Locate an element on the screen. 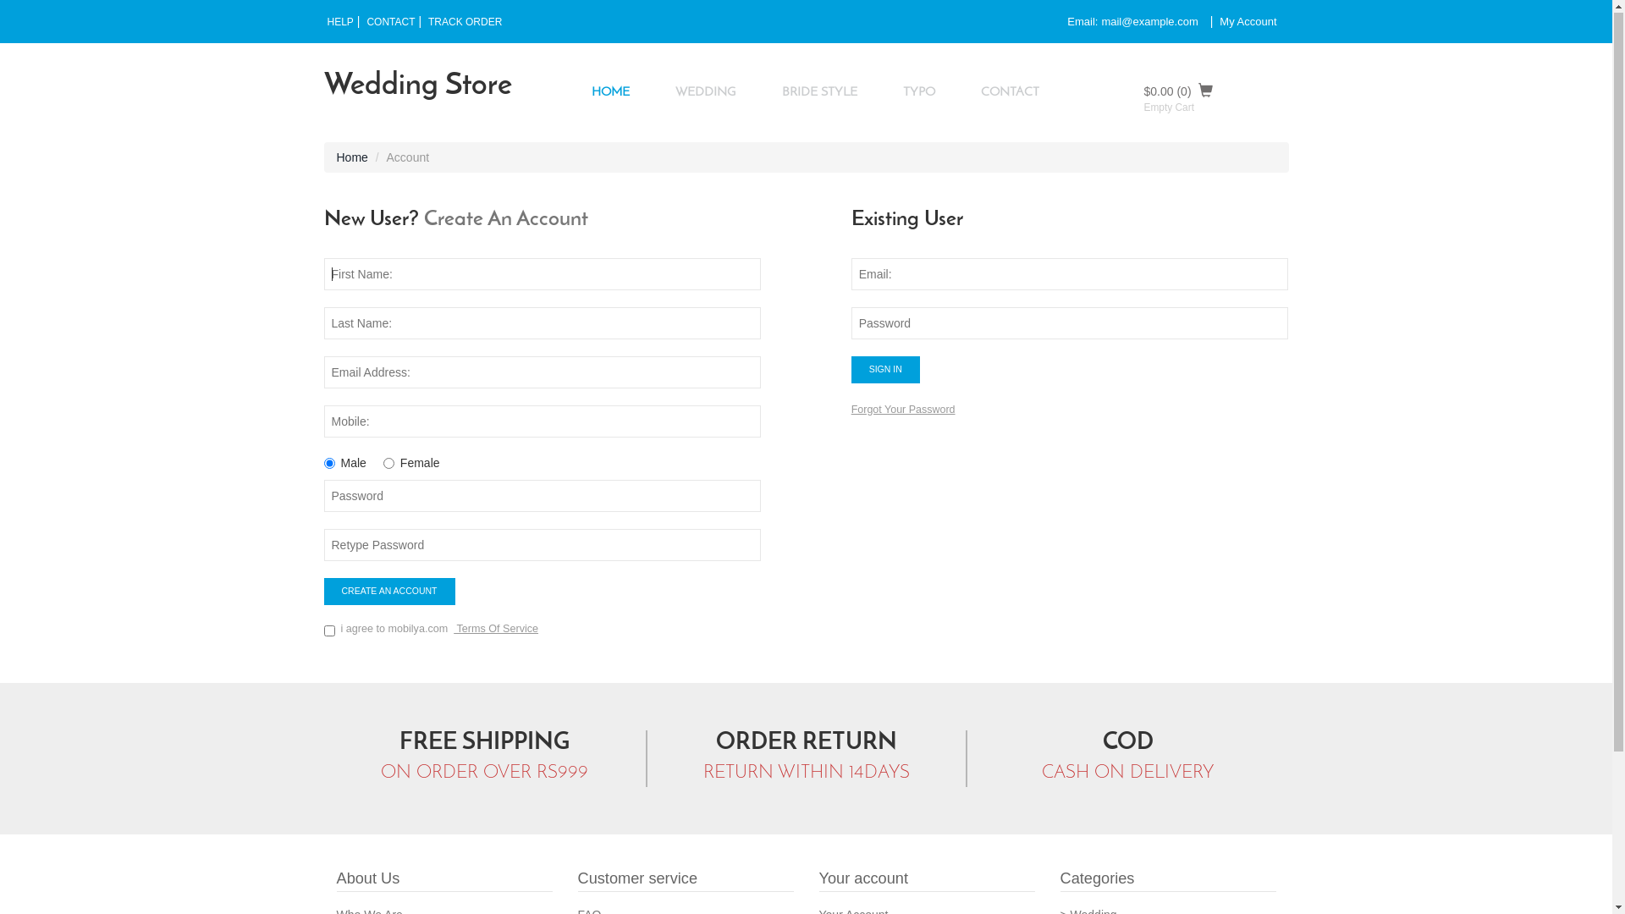 This screenshot has height=914, width=1625. 'WEDDING' is located at coordinates (653, 93).